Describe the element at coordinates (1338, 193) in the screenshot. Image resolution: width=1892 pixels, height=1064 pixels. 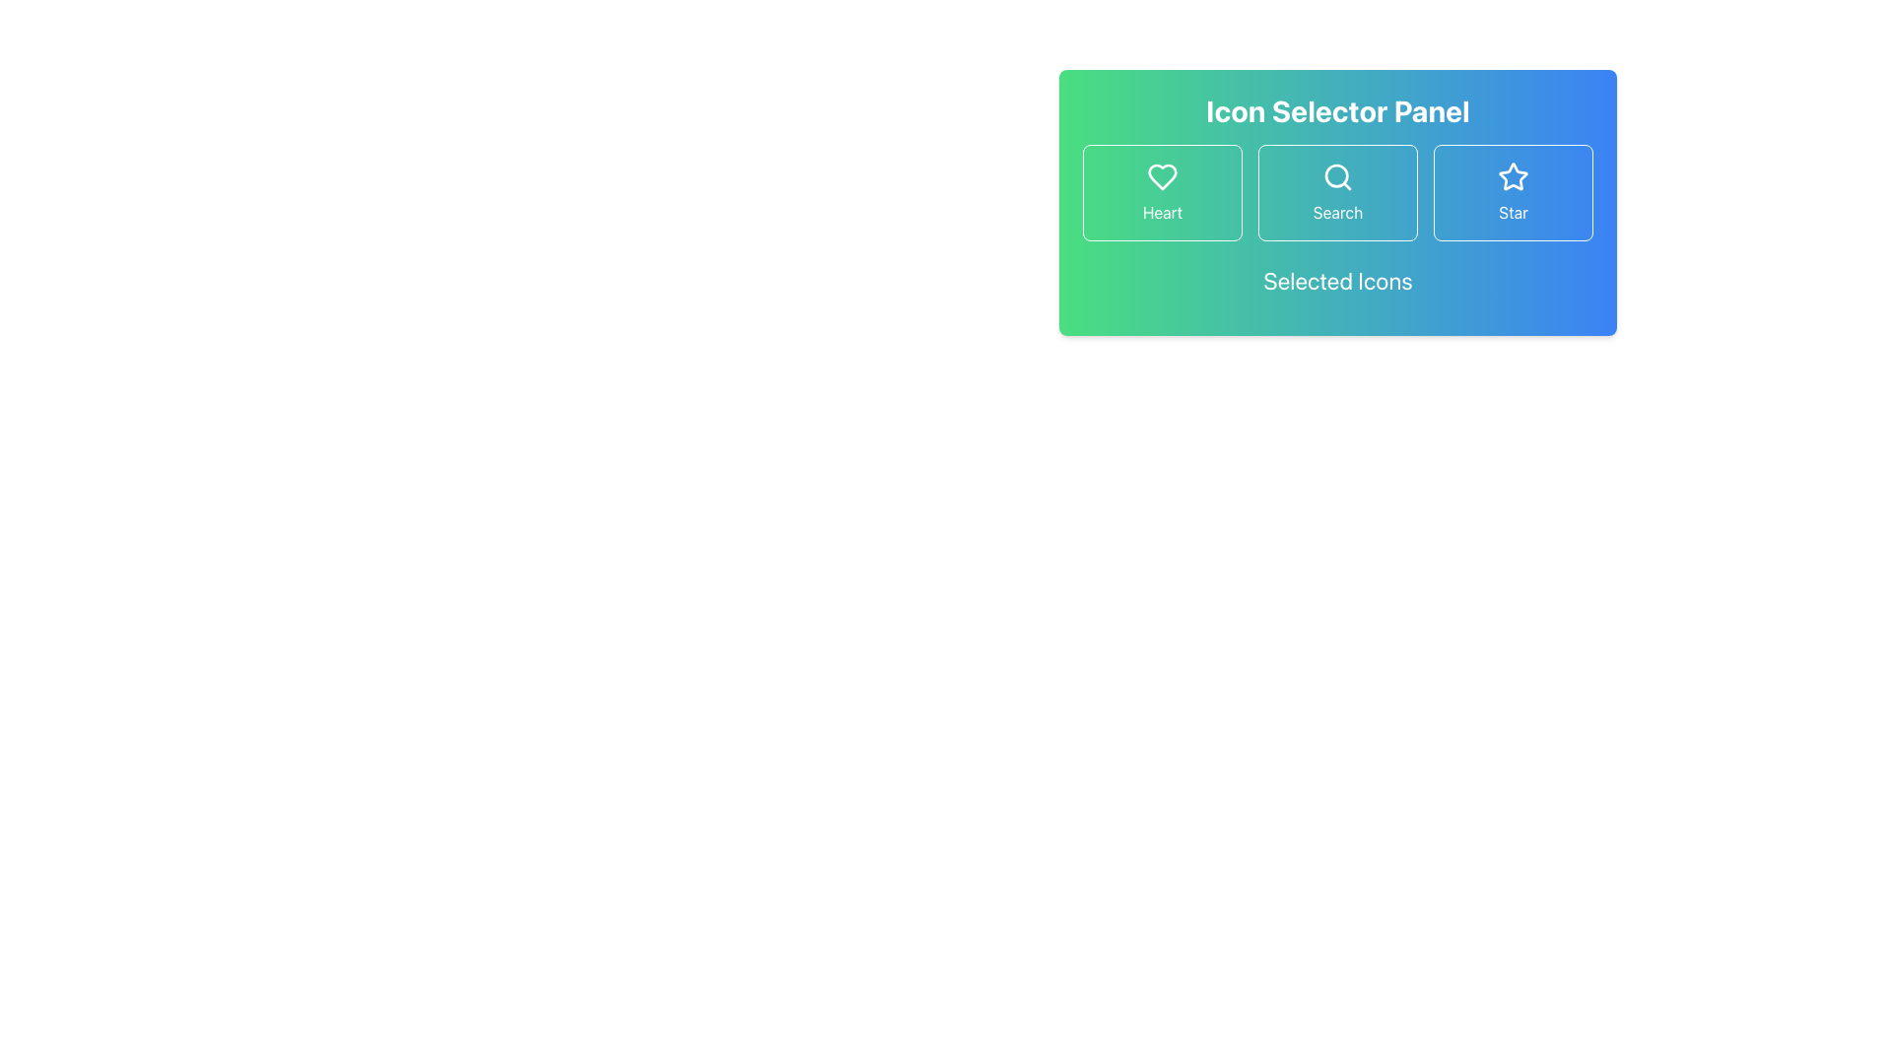
I see `the central button of the Grid layout containing 'Heart', 'Search', or 'Star' options` at that location.